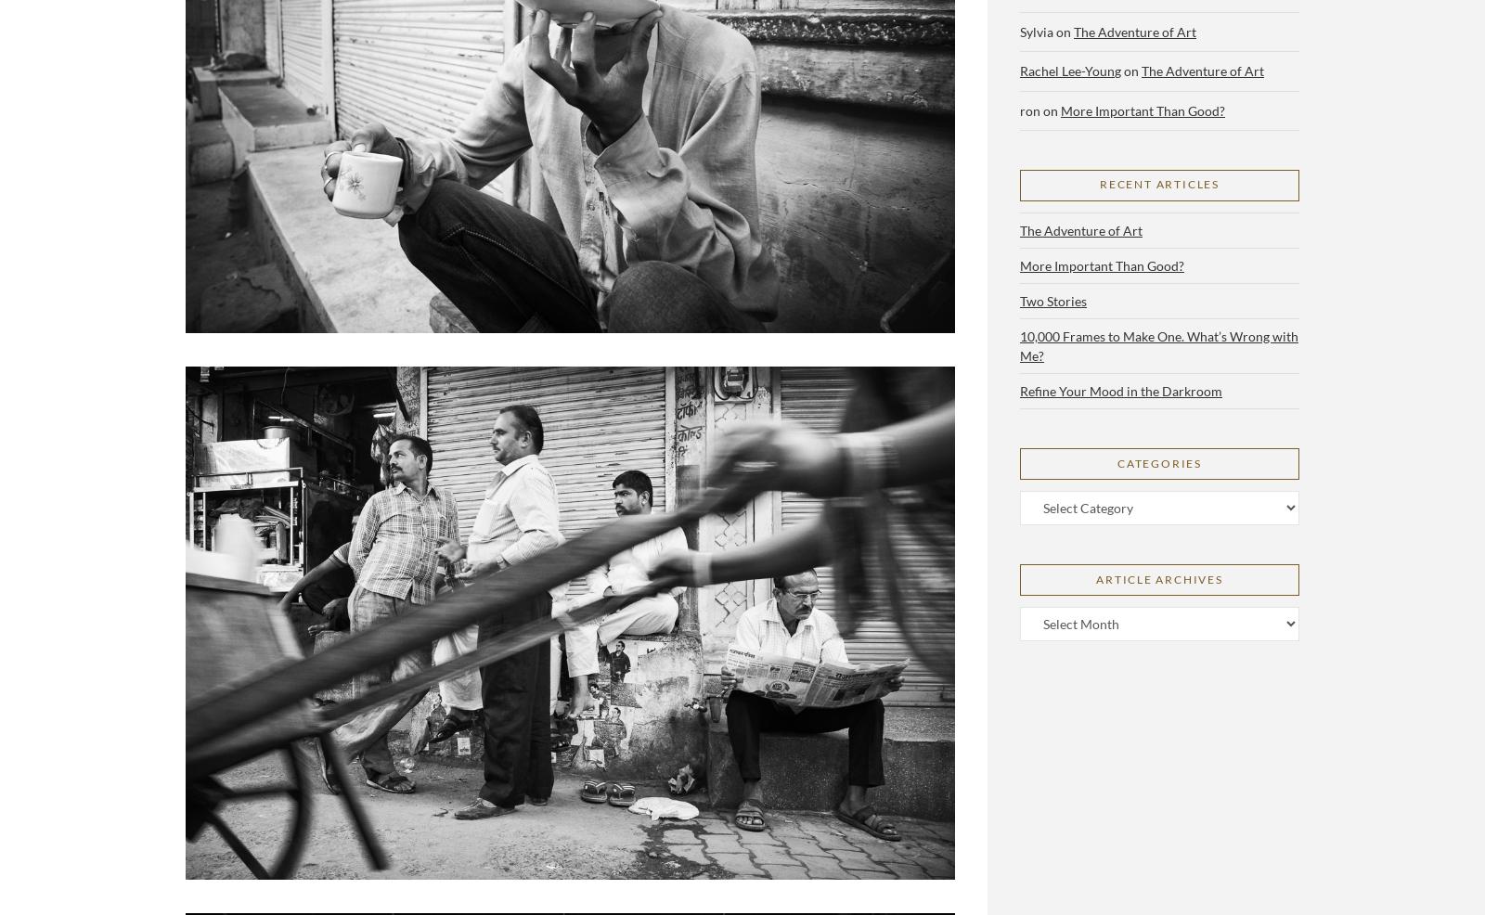 This screenshot has height=915, width=1485. I want to click on '10,000 Frames to Make One. What’s Wrong with Me?', so click(1157, 344).